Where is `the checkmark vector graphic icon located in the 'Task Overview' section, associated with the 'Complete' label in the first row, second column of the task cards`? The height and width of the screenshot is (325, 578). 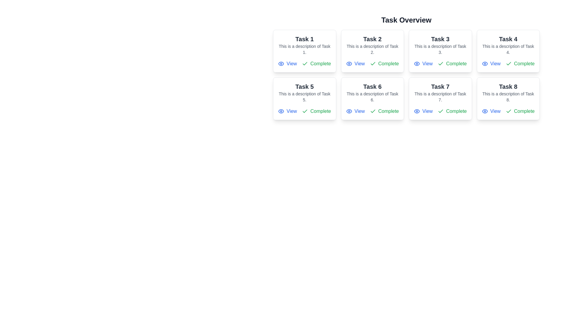
the checkmark vector graphic icon located in the 'Task Overview' section, associated with the 'Complete' label in the first row, second column of the task cards is located at coordinates (441, 111).